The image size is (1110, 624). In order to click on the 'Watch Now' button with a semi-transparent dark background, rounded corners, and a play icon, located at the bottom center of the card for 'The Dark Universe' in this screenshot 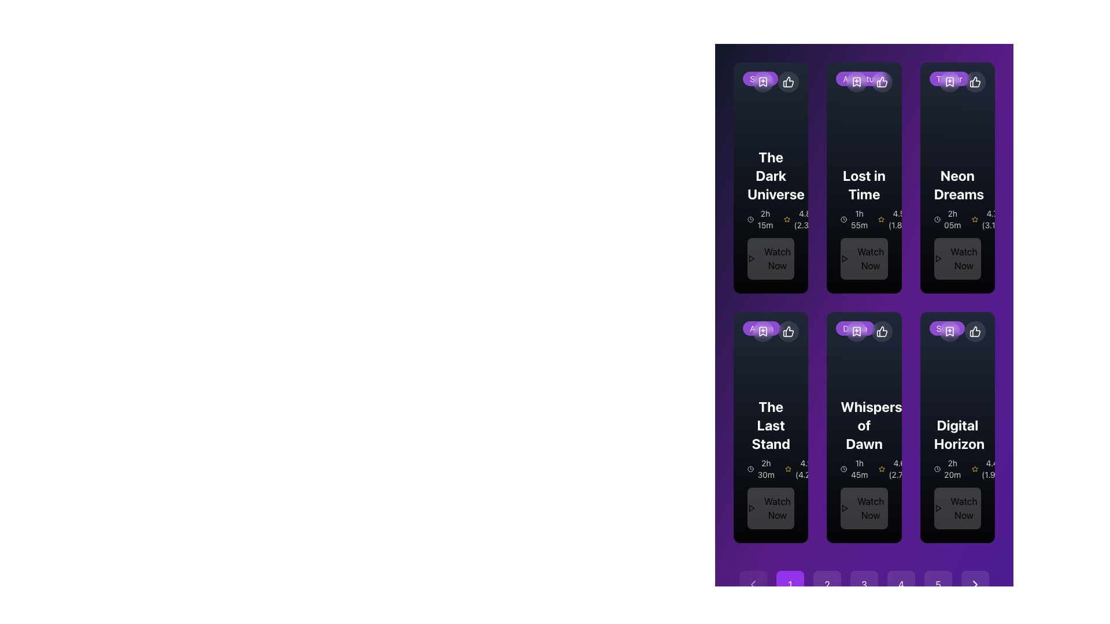, I will do `click(771, 258)`.